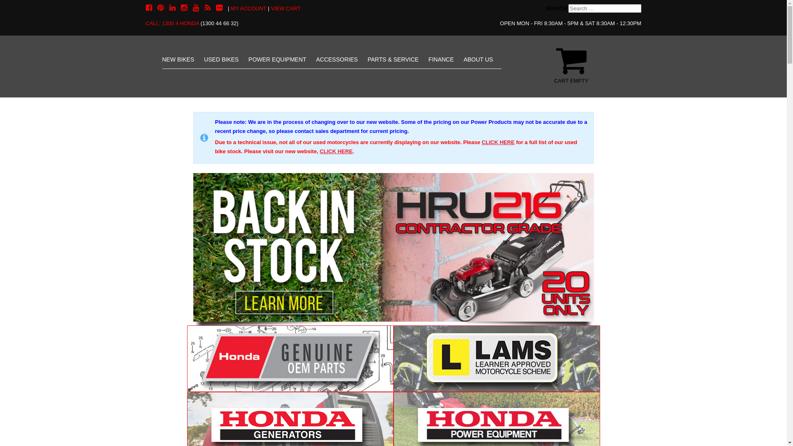 The image size is (793, 446). I want to click on 'CLICK HERE', so click(497, 142).